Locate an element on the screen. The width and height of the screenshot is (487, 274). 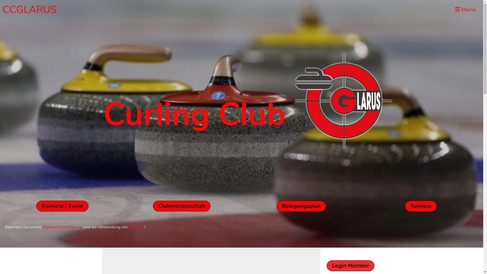
'Login Member' is located at coordinates (326, 265).